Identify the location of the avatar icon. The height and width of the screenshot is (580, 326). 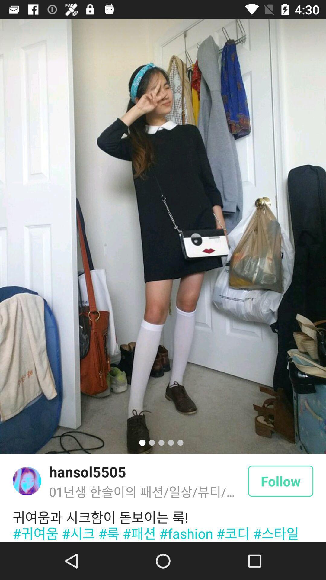
(27, 481).